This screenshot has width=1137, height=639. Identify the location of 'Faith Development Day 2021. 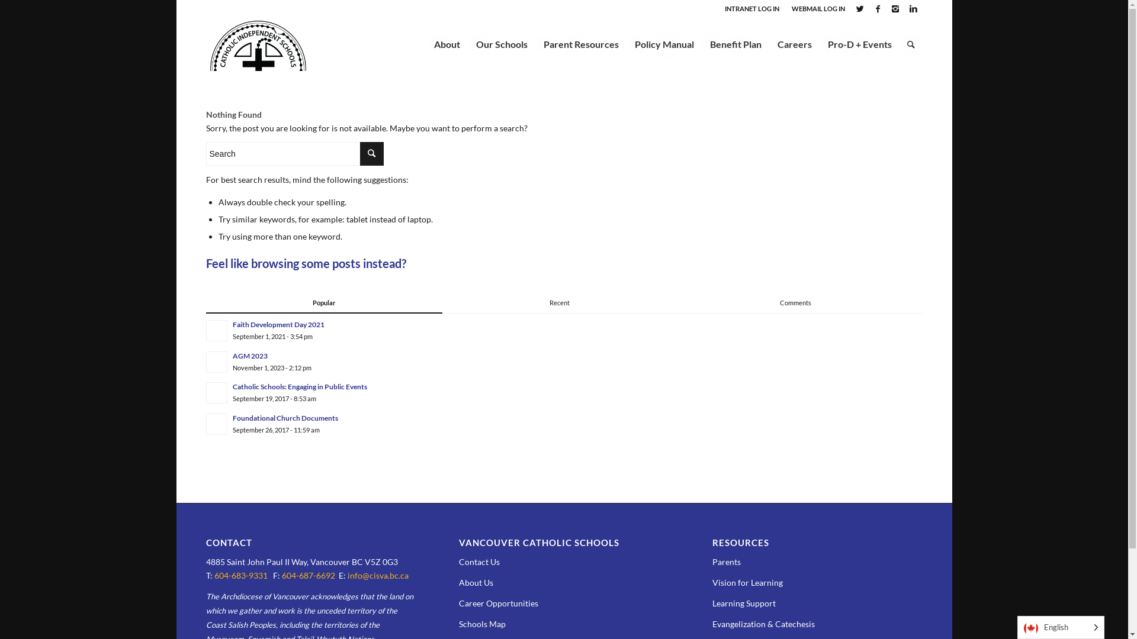
(564, 330).